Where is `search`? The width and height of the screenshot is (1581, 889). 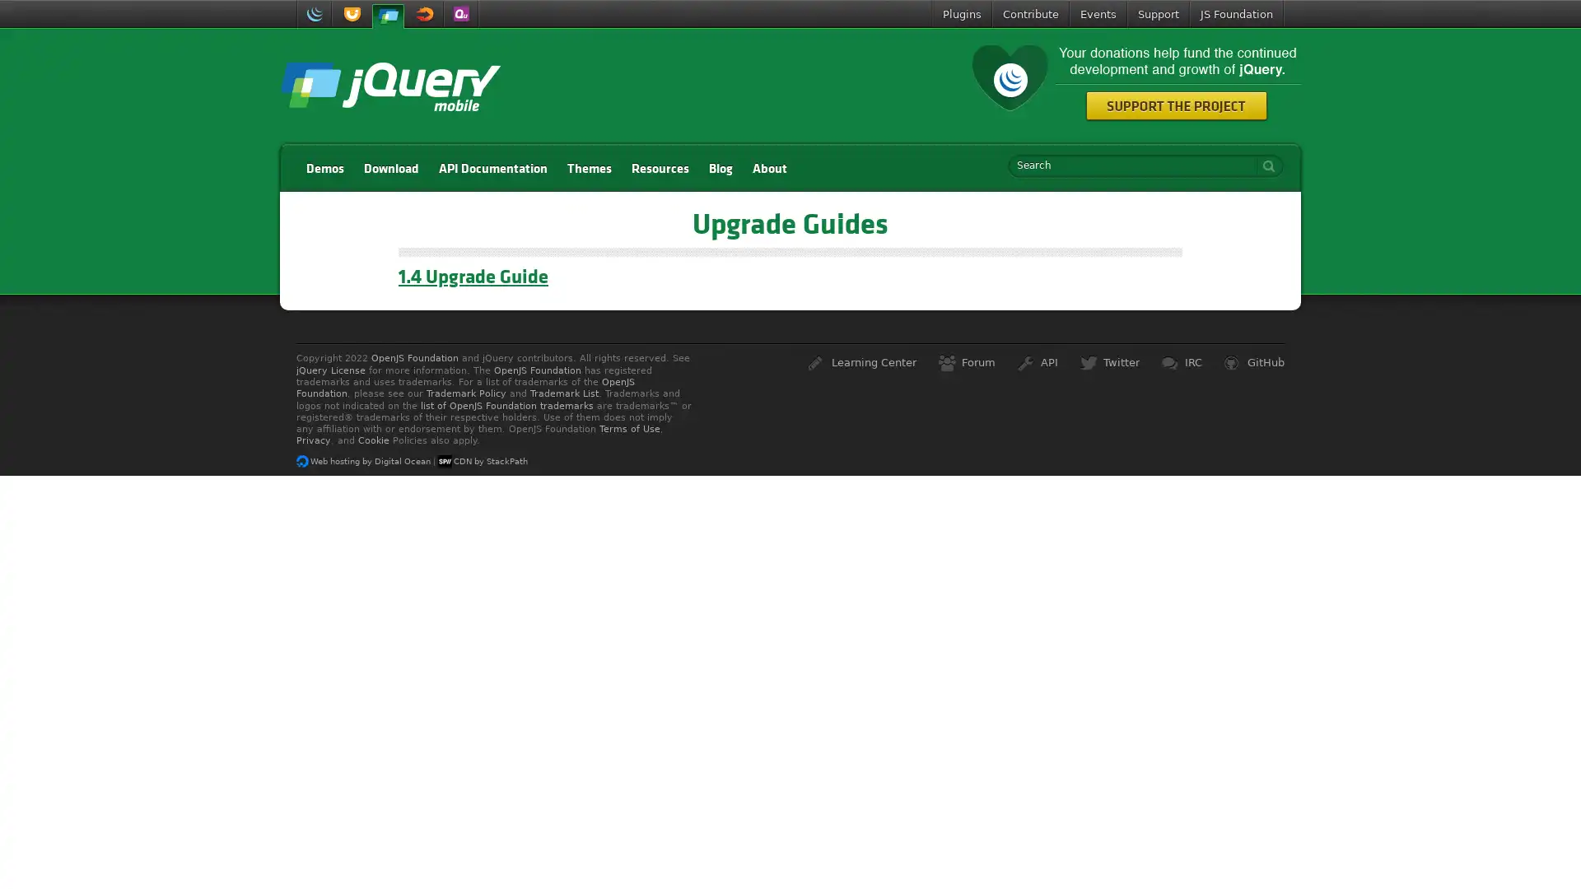
search is located at coordinates (1264, 165).